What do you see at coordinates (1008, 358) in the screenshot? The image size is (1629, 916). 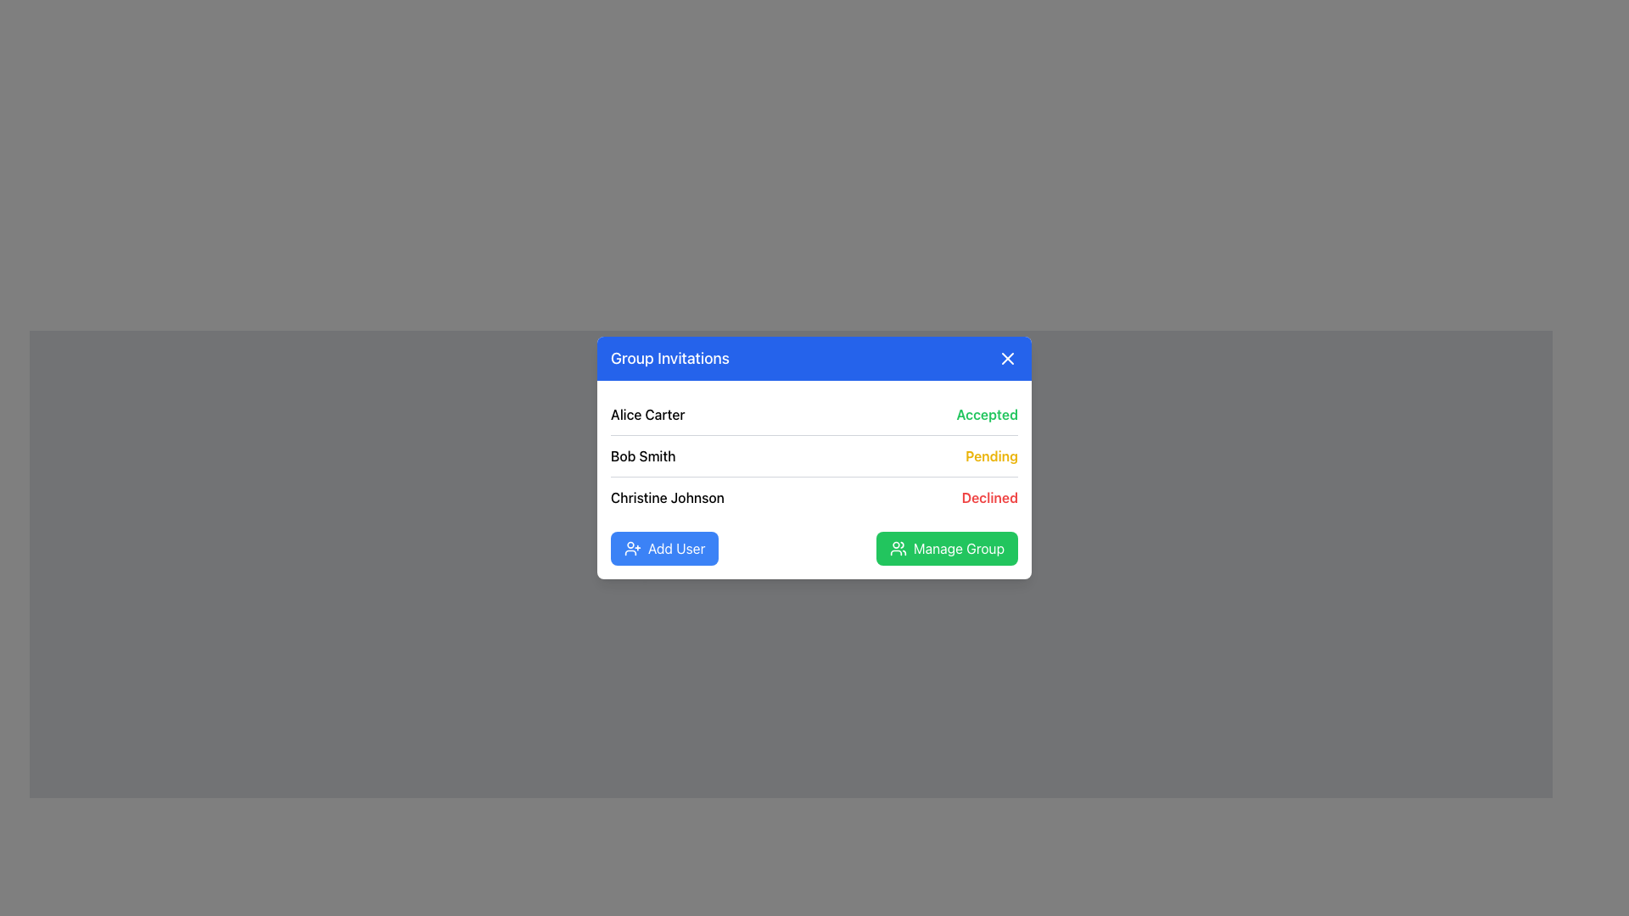 I see `the small diagonal cross (X) button located at the top-right corner of the 'Group Invitations' blue header bar` at bounding box center [1008, 358].